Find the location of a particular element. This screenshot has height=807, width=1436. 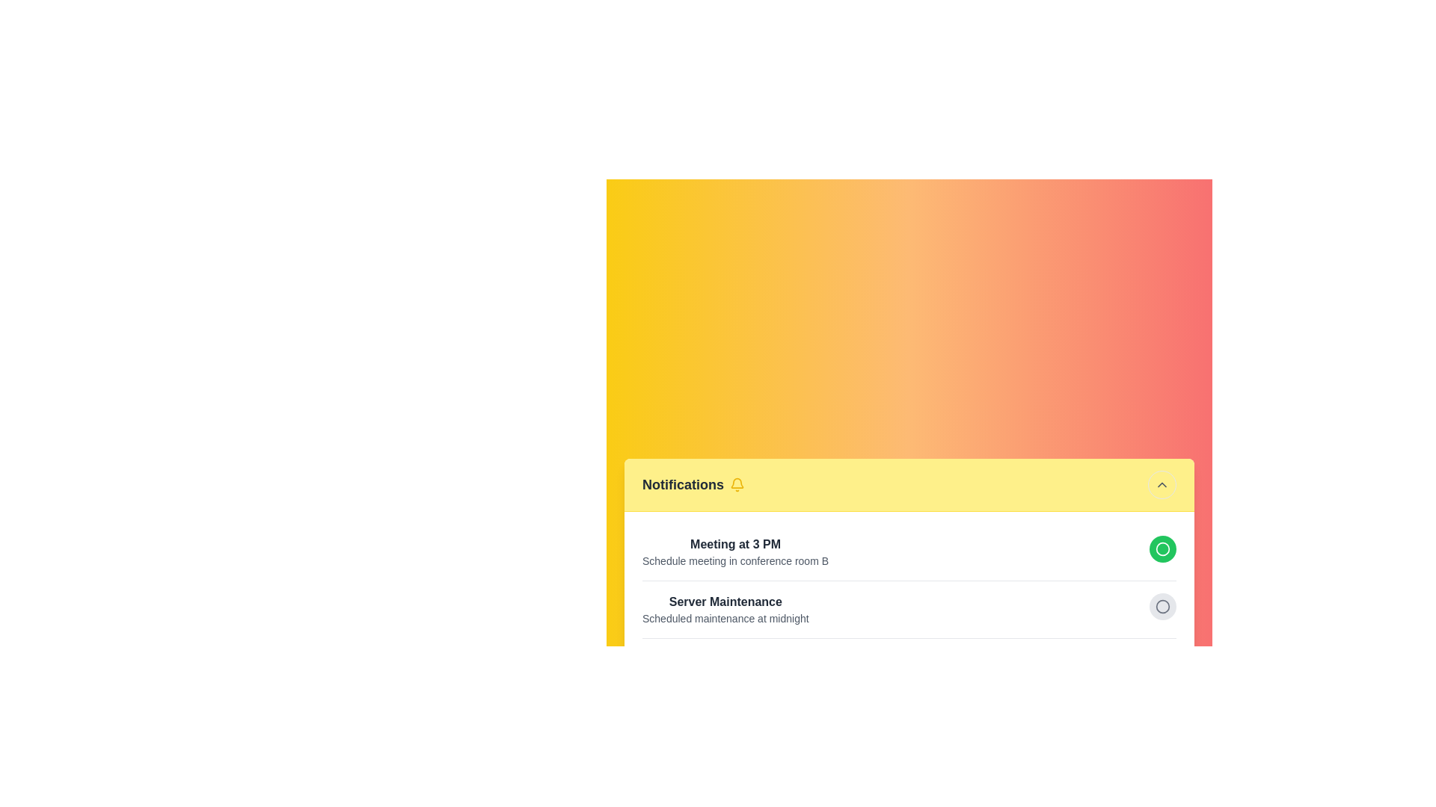

the notification icon located to the right of the 'Notifications' text, which serves as a visual cue for notification-related features is located at coordinates (737, 484).